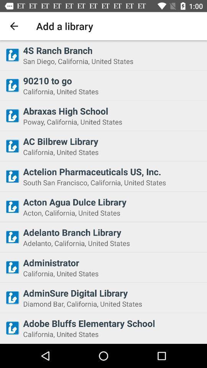 This screenshot has width=207, height=368. What do you see at coordinates (112, 232) in the screenshot?
I see `adelanto branch library item` at bounding box center [112, 232].